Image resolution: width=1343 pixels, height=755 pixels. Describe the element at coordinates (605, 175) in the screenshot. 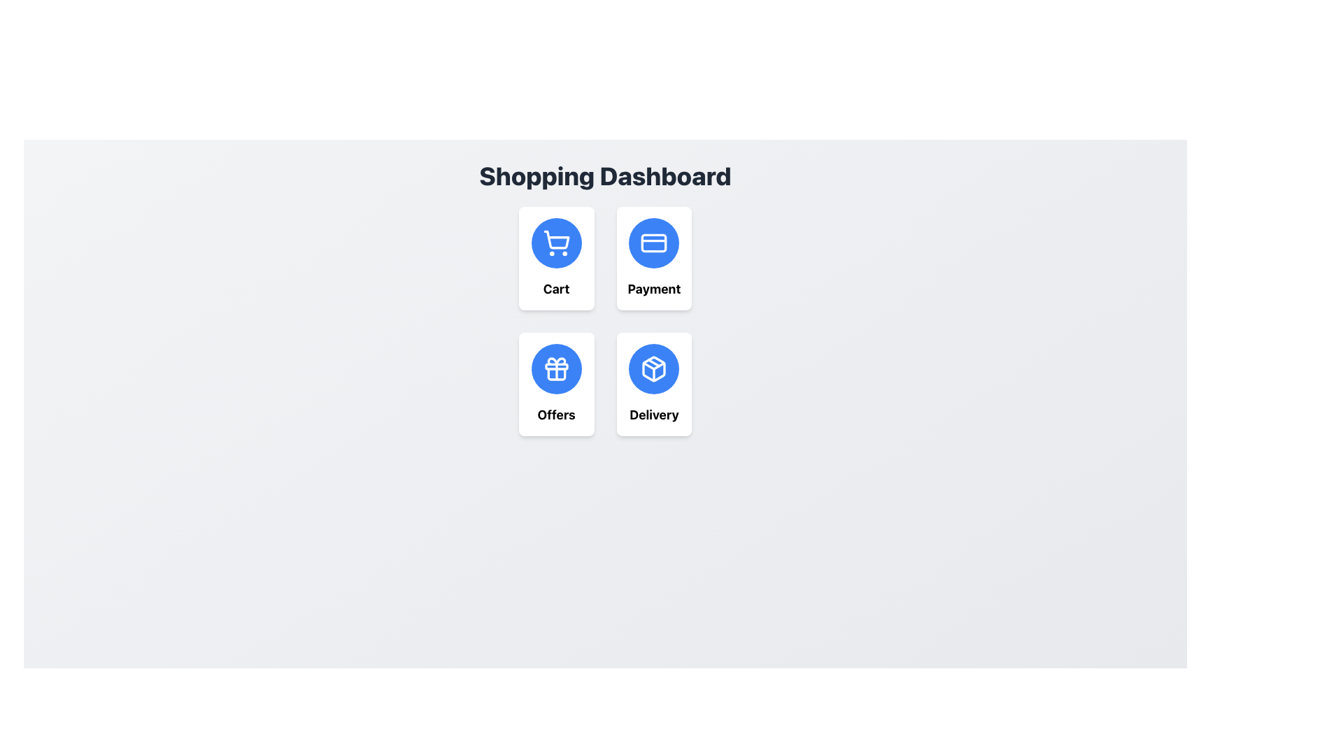

I see `prominently styled text block displaying the title 'Shopping Dashboard' to understand the context of the page` at that location.